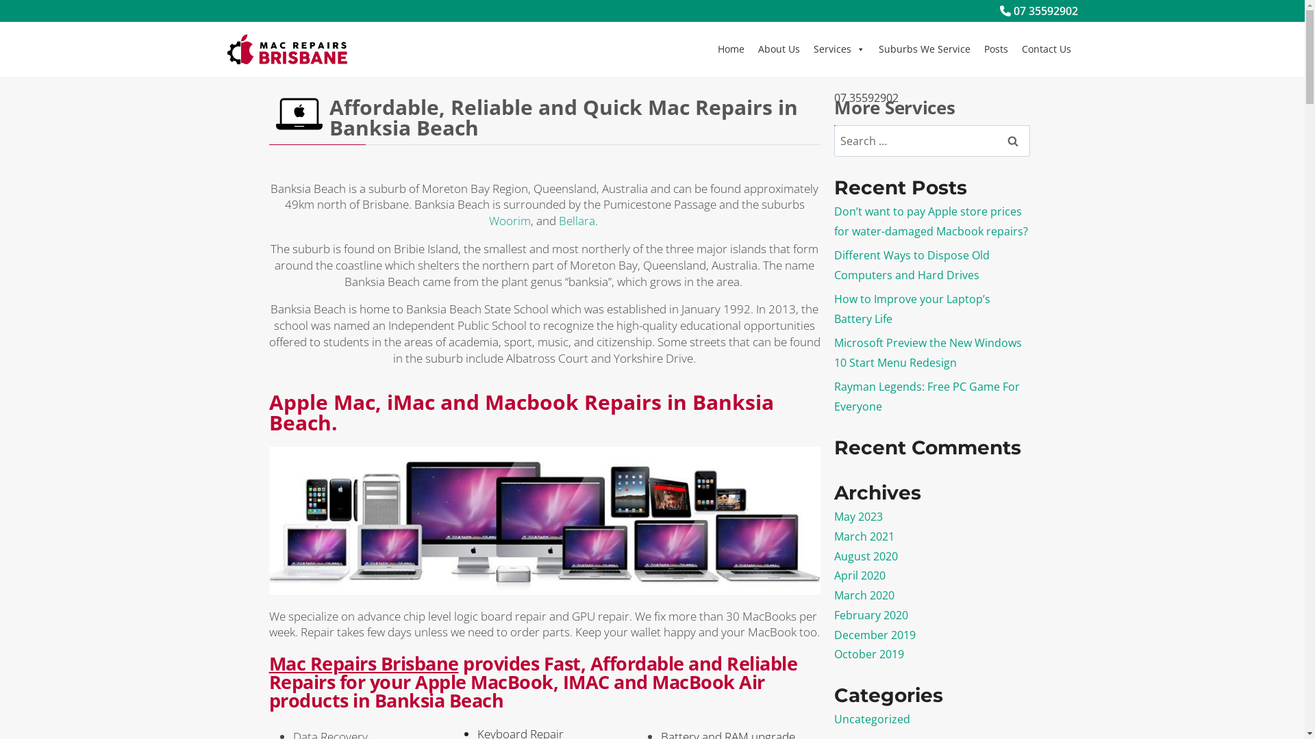  What do you see at coordinates (1045, 49) in the screenshot?
I see `'Contact Us'` at bounding box center [1045, 49].